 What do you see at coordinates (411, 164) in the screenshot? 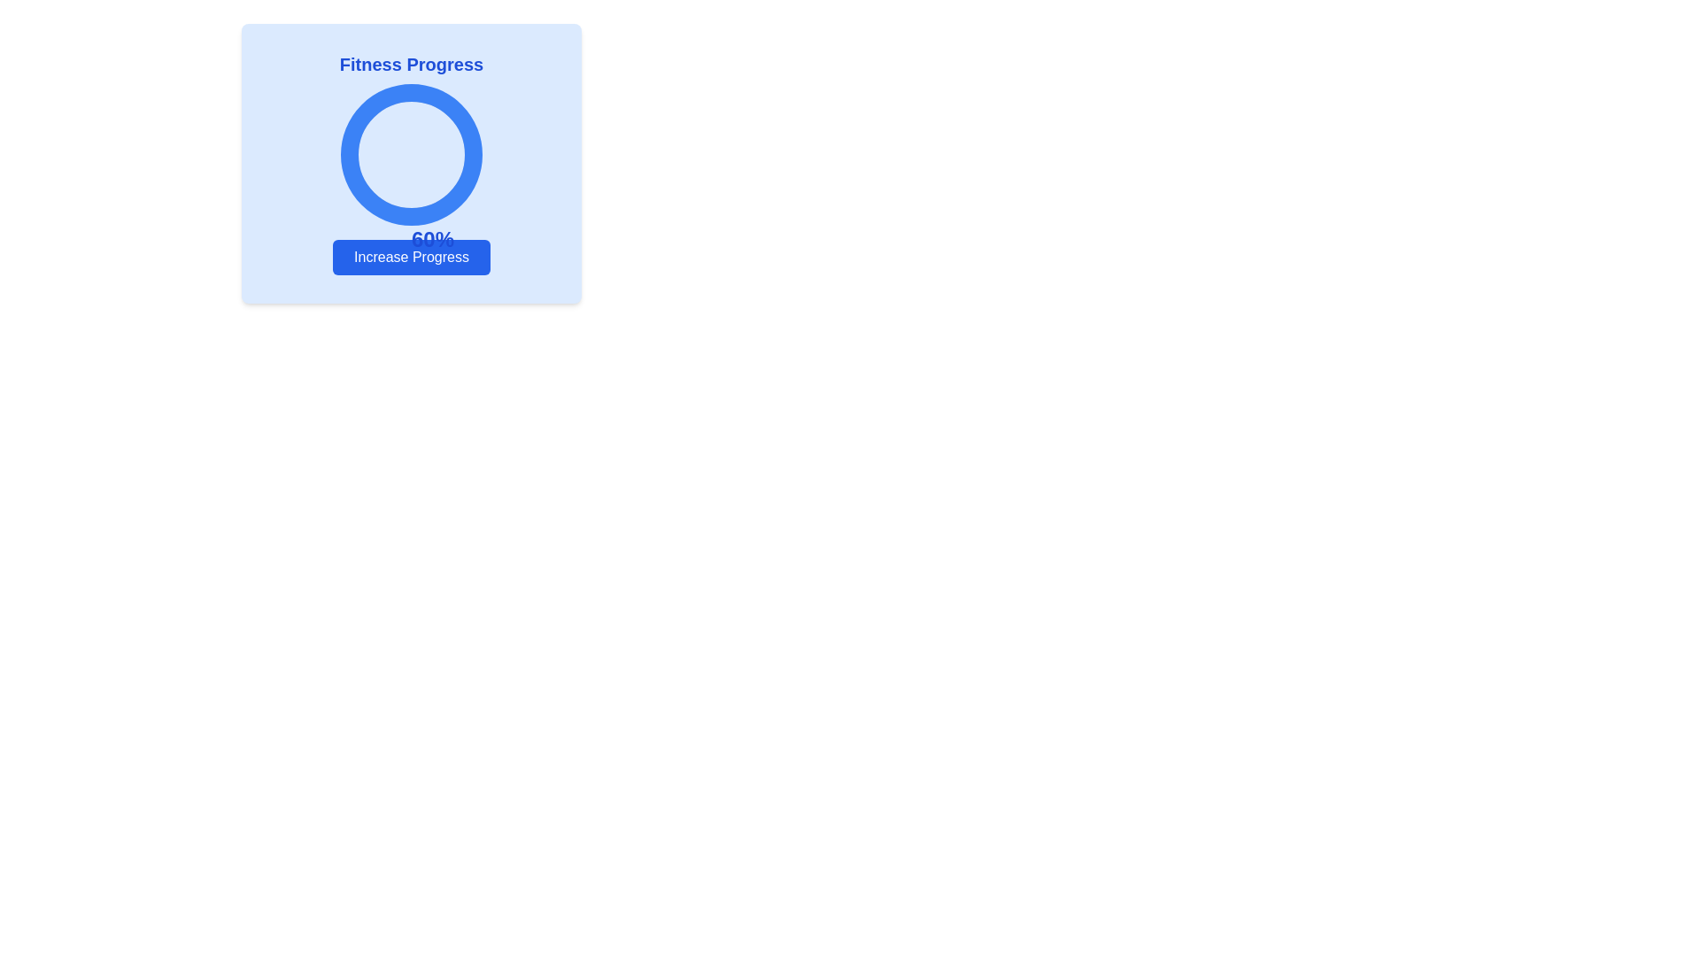
I see `the circular progress indicator displaying '60%'` at bounding box center [411, 164].